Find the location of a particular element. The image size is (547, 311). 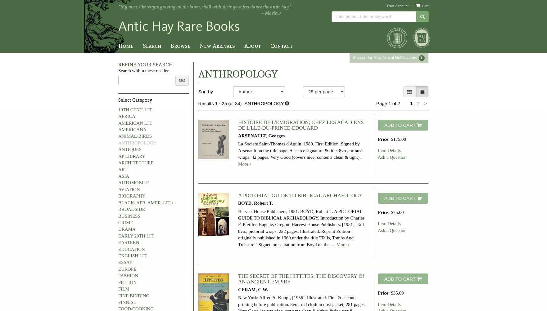

'AMERICAN LIT.' is located at coordinates (135, 122).